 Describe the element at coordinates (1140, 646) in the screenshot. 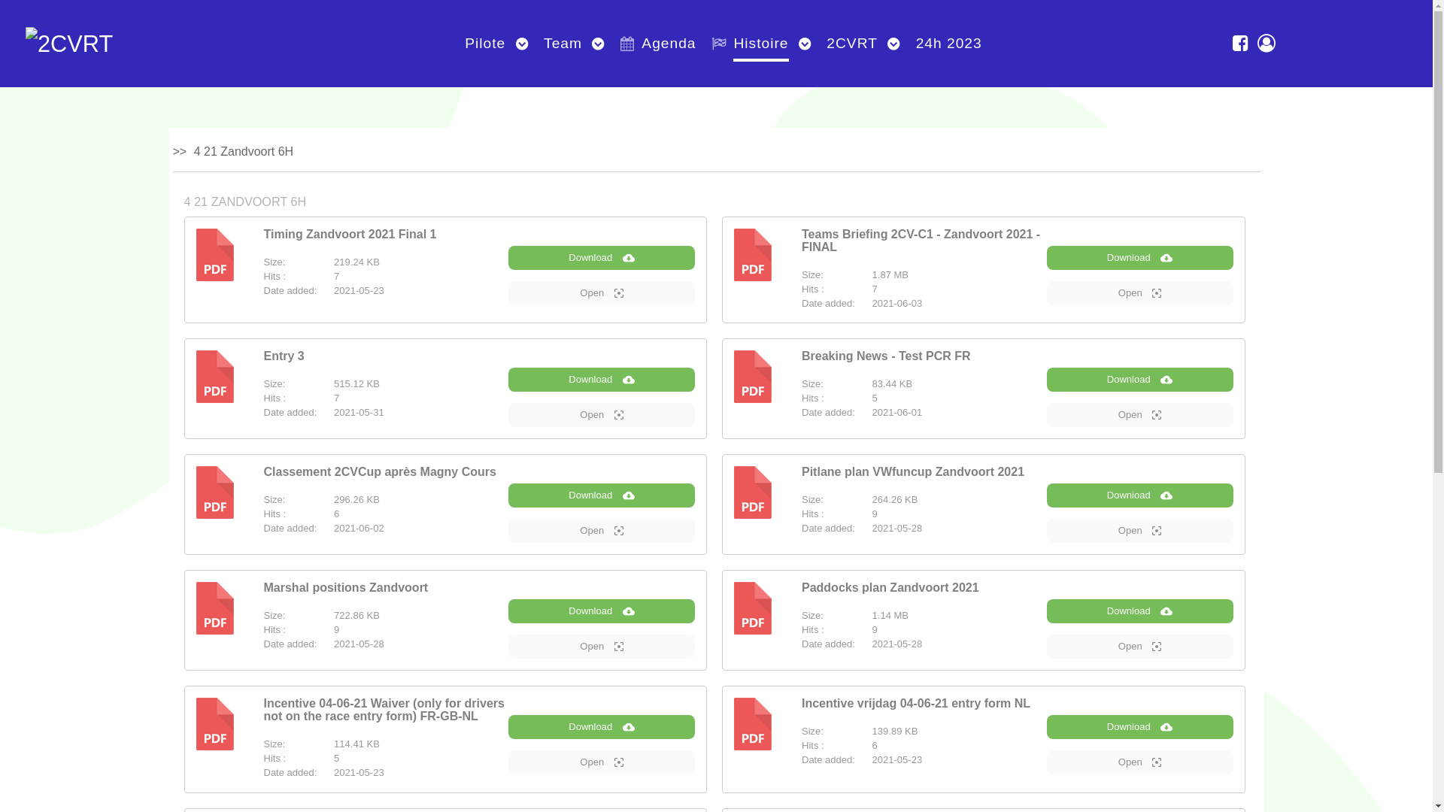

I see `'Open'` at that location.